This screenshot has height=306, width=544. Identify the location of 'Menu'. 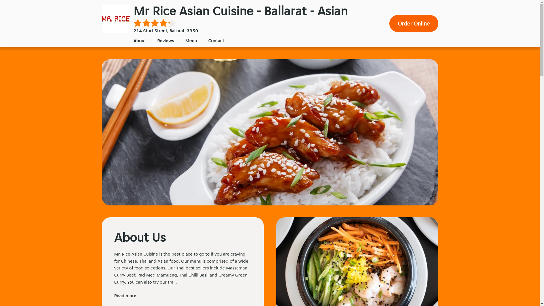
(185, 40).